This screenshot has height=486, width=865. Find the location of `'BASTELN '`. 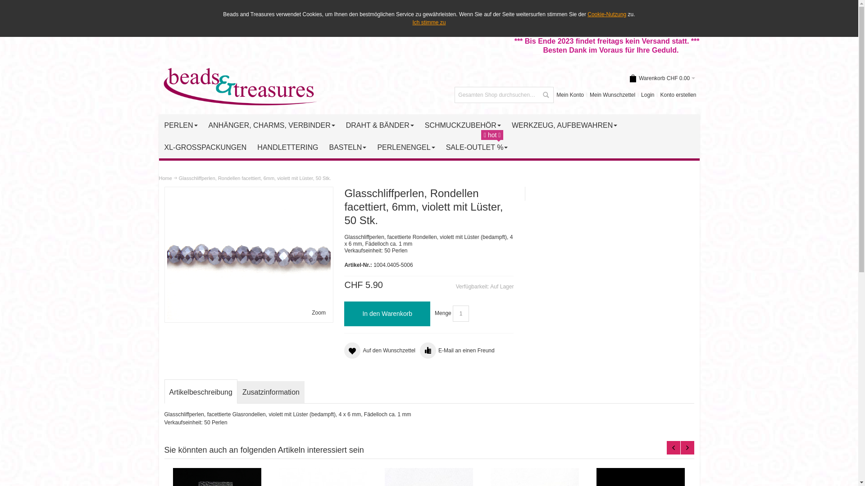

'BASTELN ' is located at coordinates (347, 147).